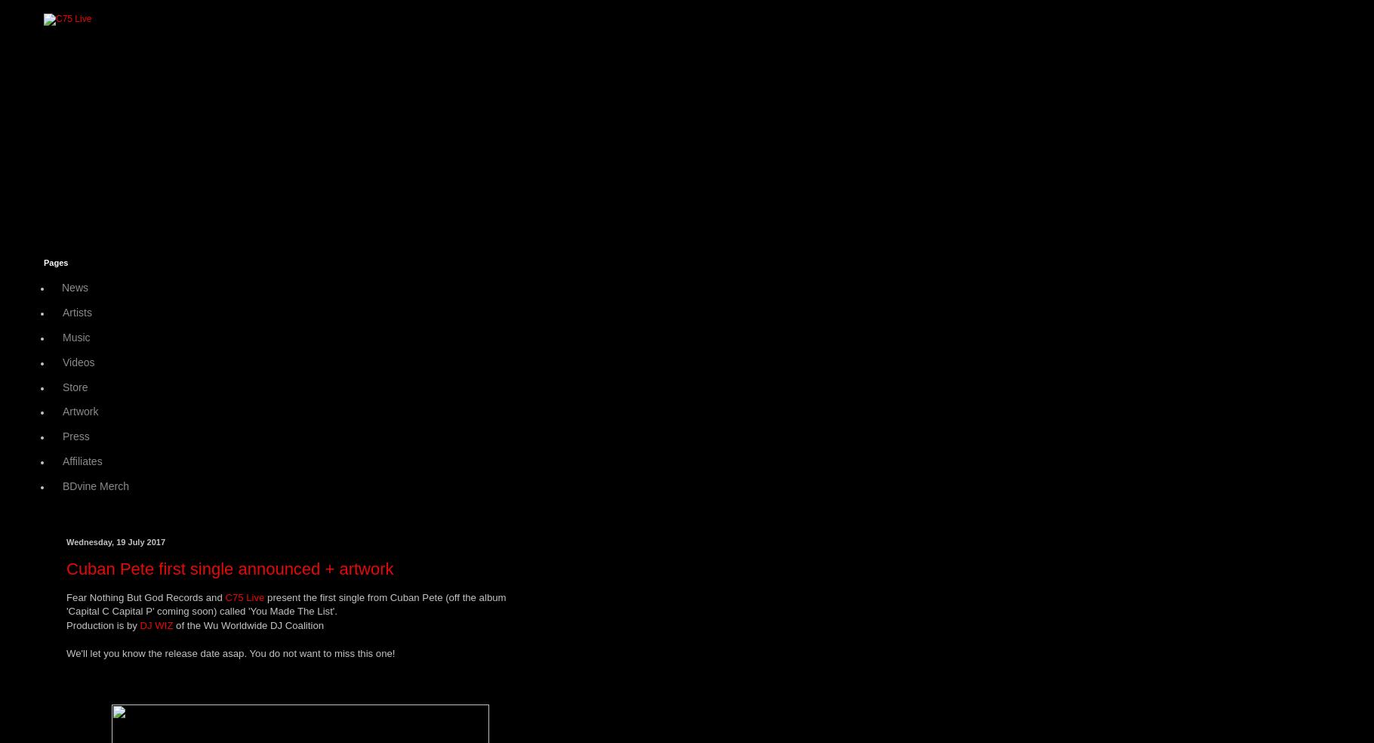 The image size is (1374, 743). I want to click on 'Pages', so click(56, 262).